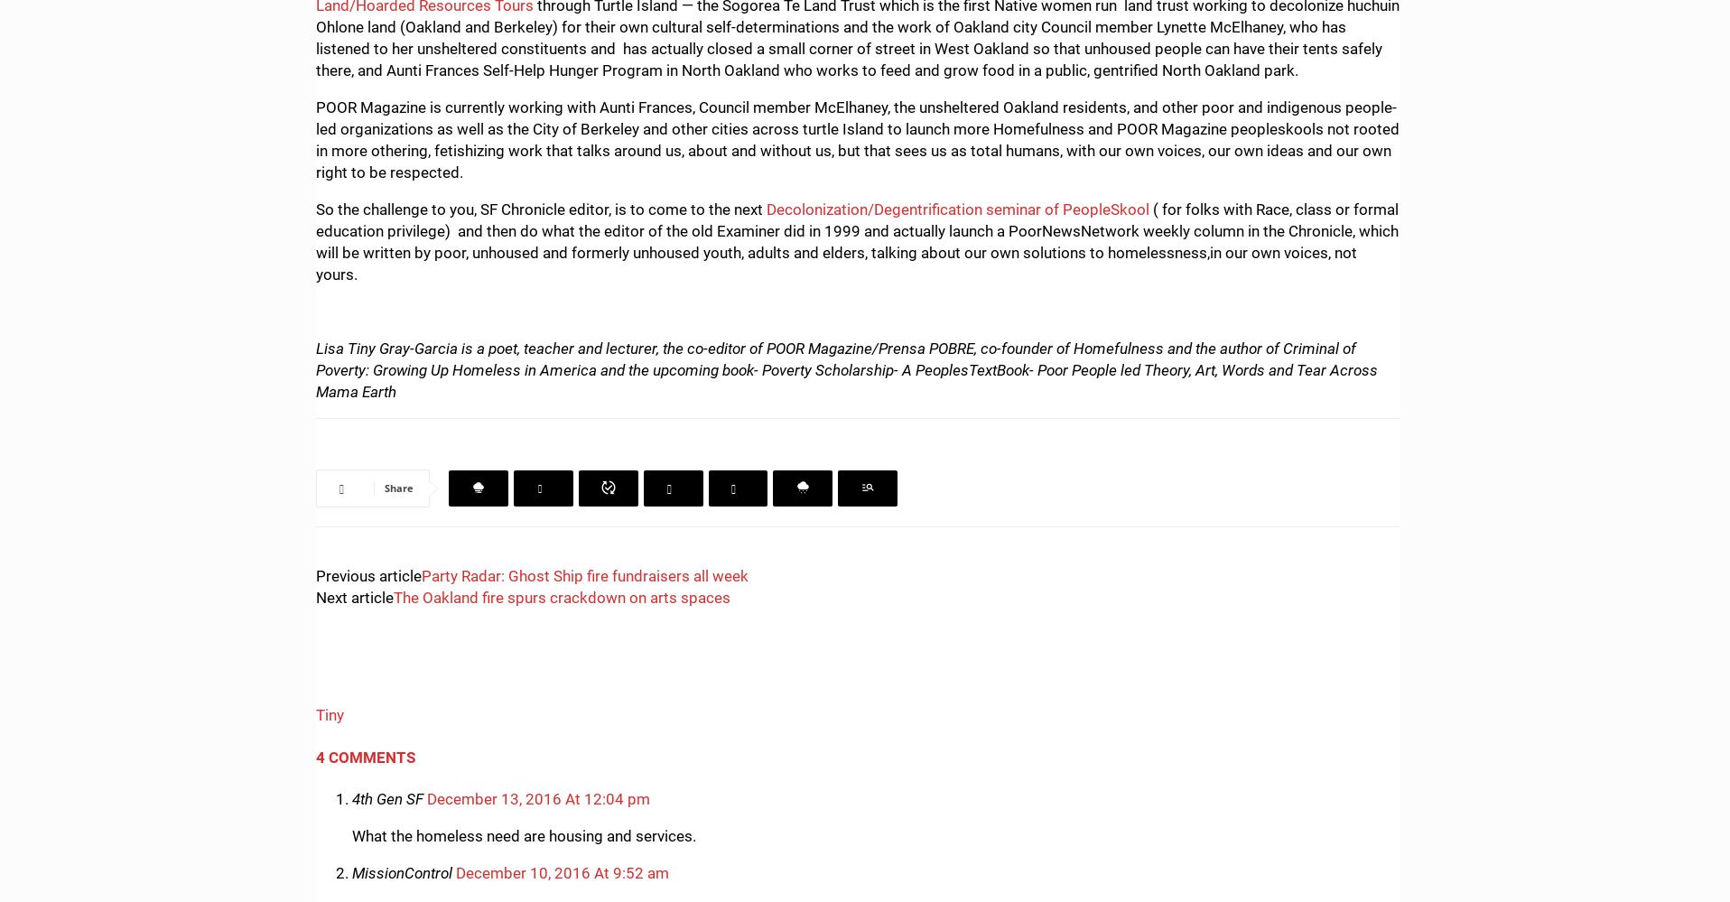  I want to click on 'December 10, 2016                                                At                                                9:52 am', so click(563, 872).